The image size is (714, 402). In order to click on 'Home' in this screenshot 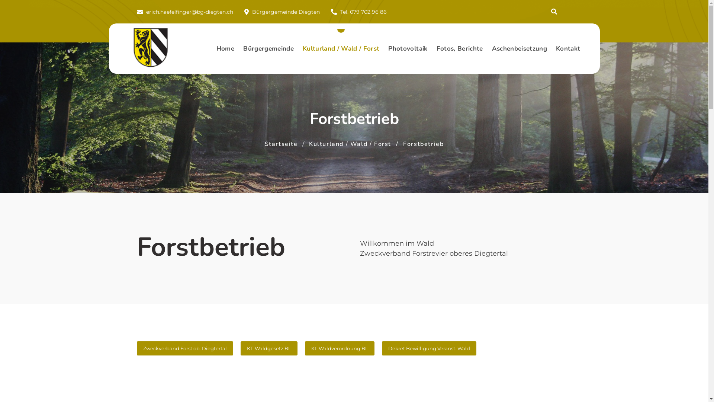, I will do `click(212, 49)`.